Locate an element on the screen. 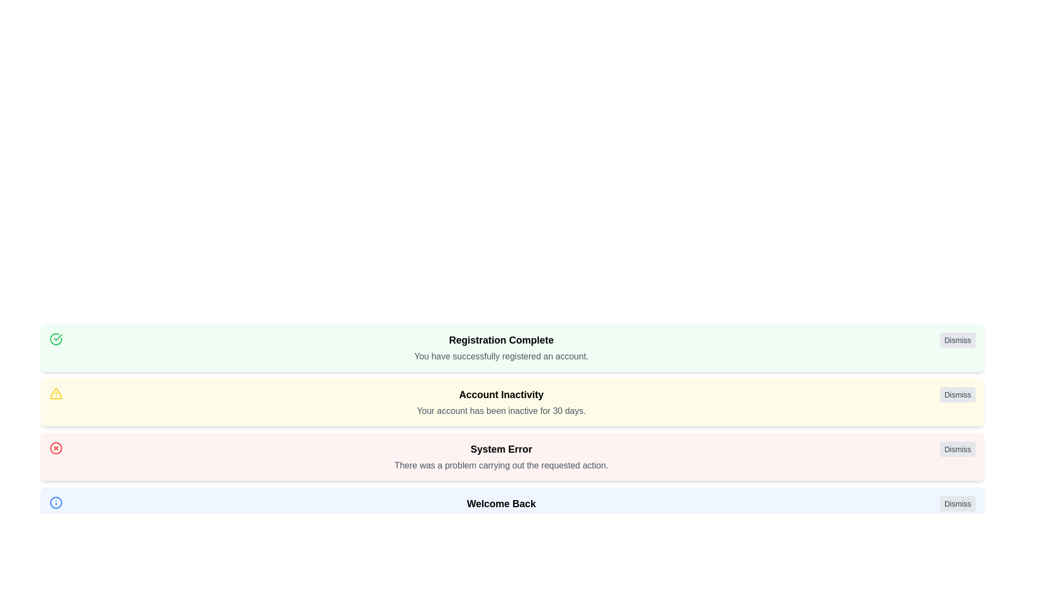  the text label that serves as a heading or introductory title, welcoming the user back to the application, positioned above another text element stating 'We’ve added new features. Check them out!' is located at coordinates (501, 504).